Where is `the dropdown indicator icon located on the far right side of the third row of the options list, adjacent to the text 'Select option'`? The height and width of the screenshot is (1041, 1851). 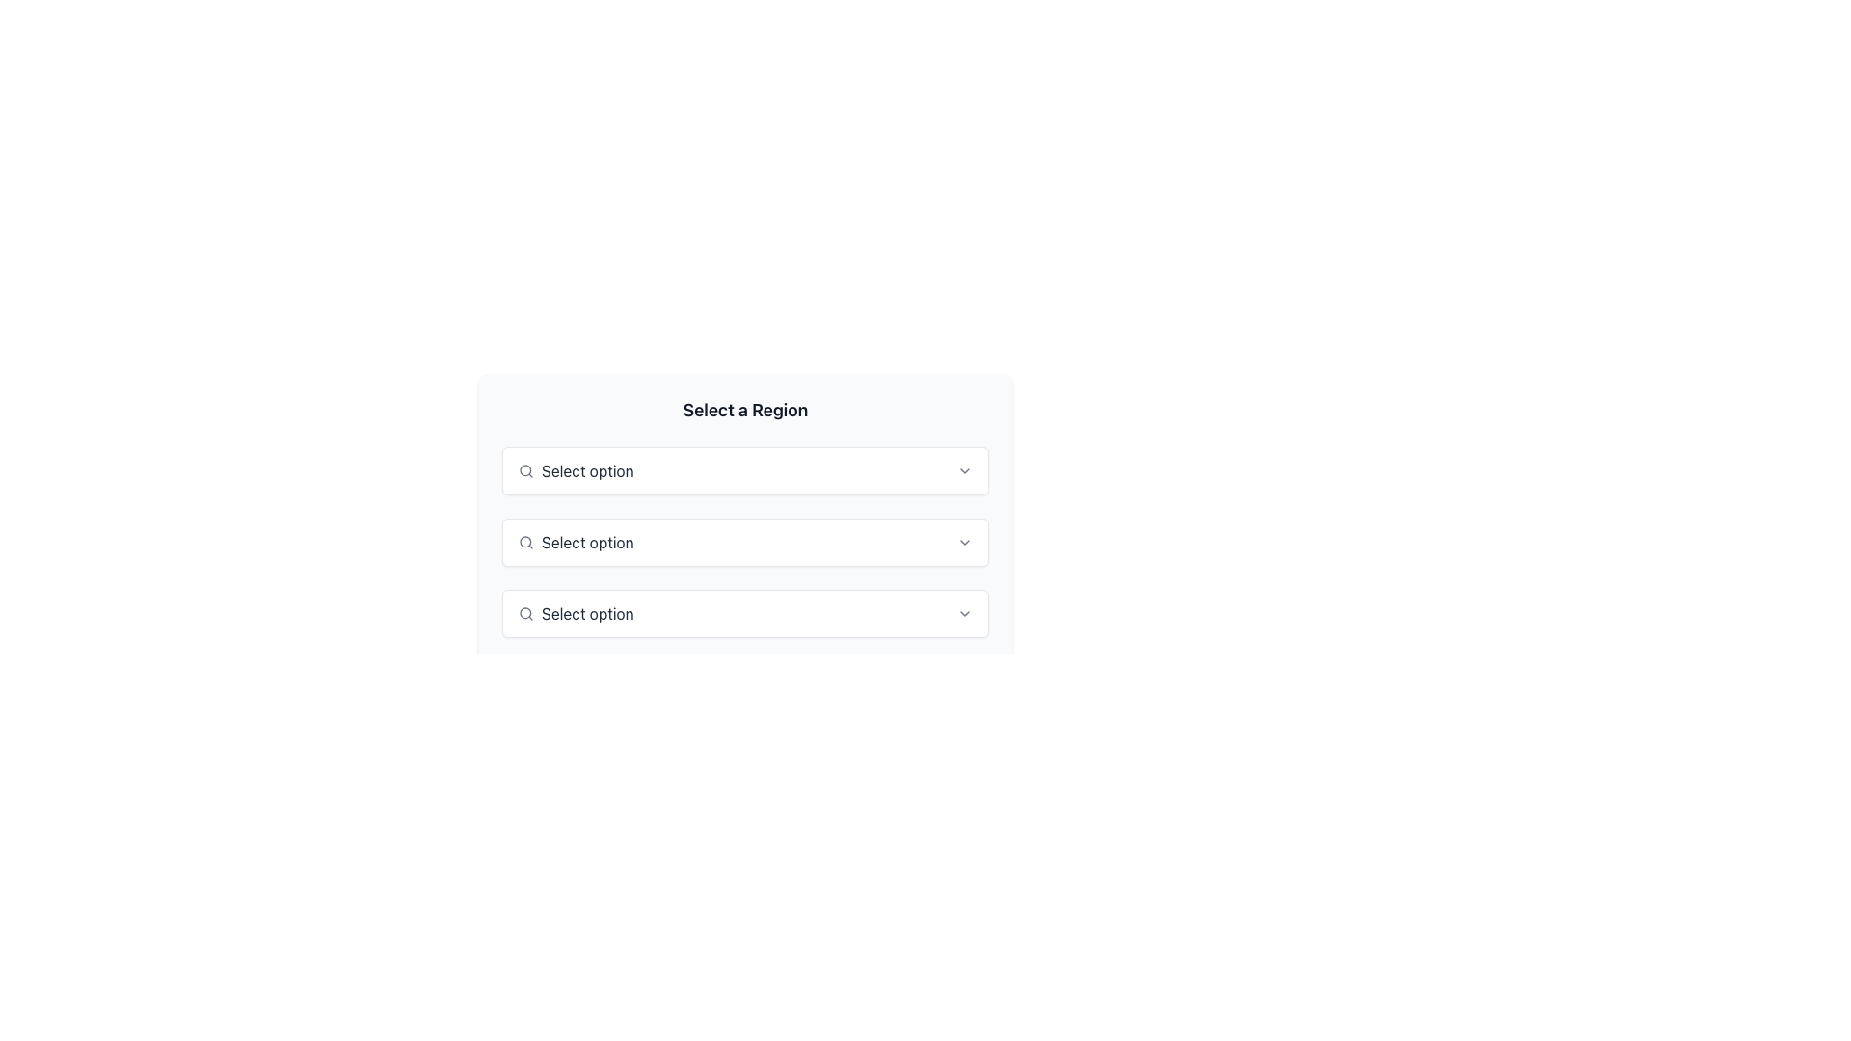
the dropdown indicator icon located on the far right side of the third row of the options list, adjacent to the text 'Select option' is located at coordinates (965, 613).